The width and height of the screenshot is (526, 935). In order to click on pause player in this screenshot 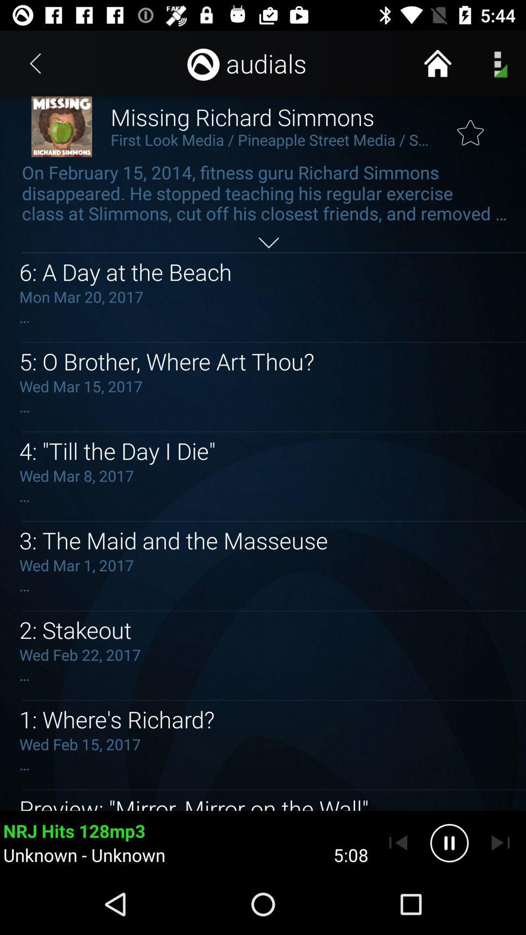, I will do `click(449, 842)`.